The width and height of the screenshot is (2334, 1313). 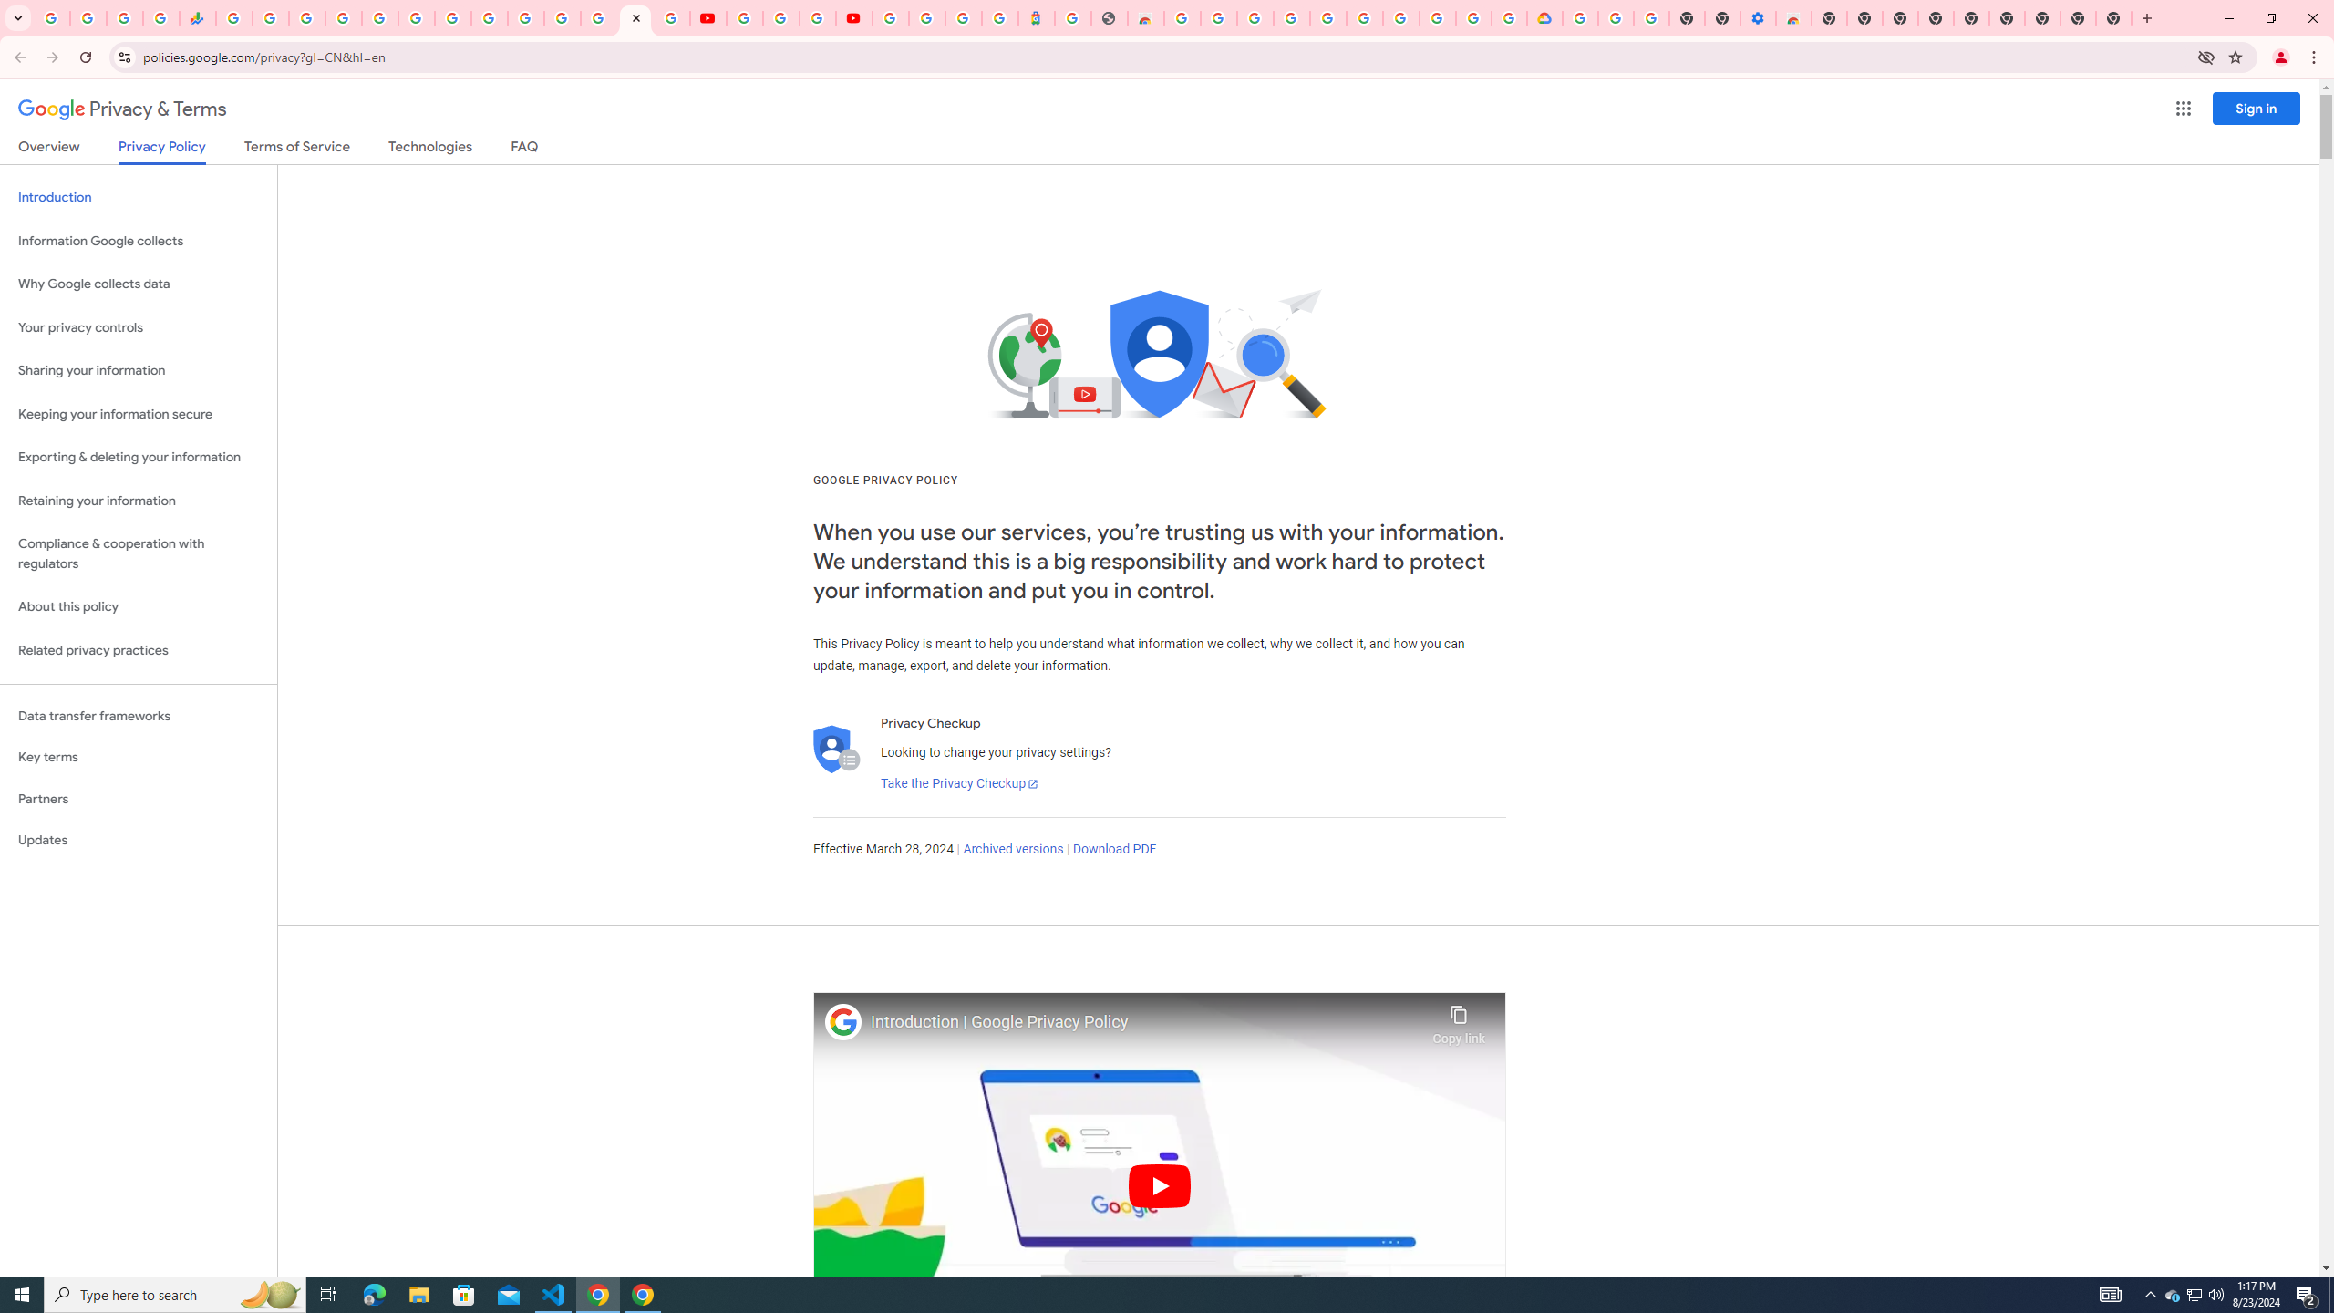 What do you see at coordinates (296, 150) in the screenshot?
I see `'Terms of Service'` at bounding box center [296, 150].